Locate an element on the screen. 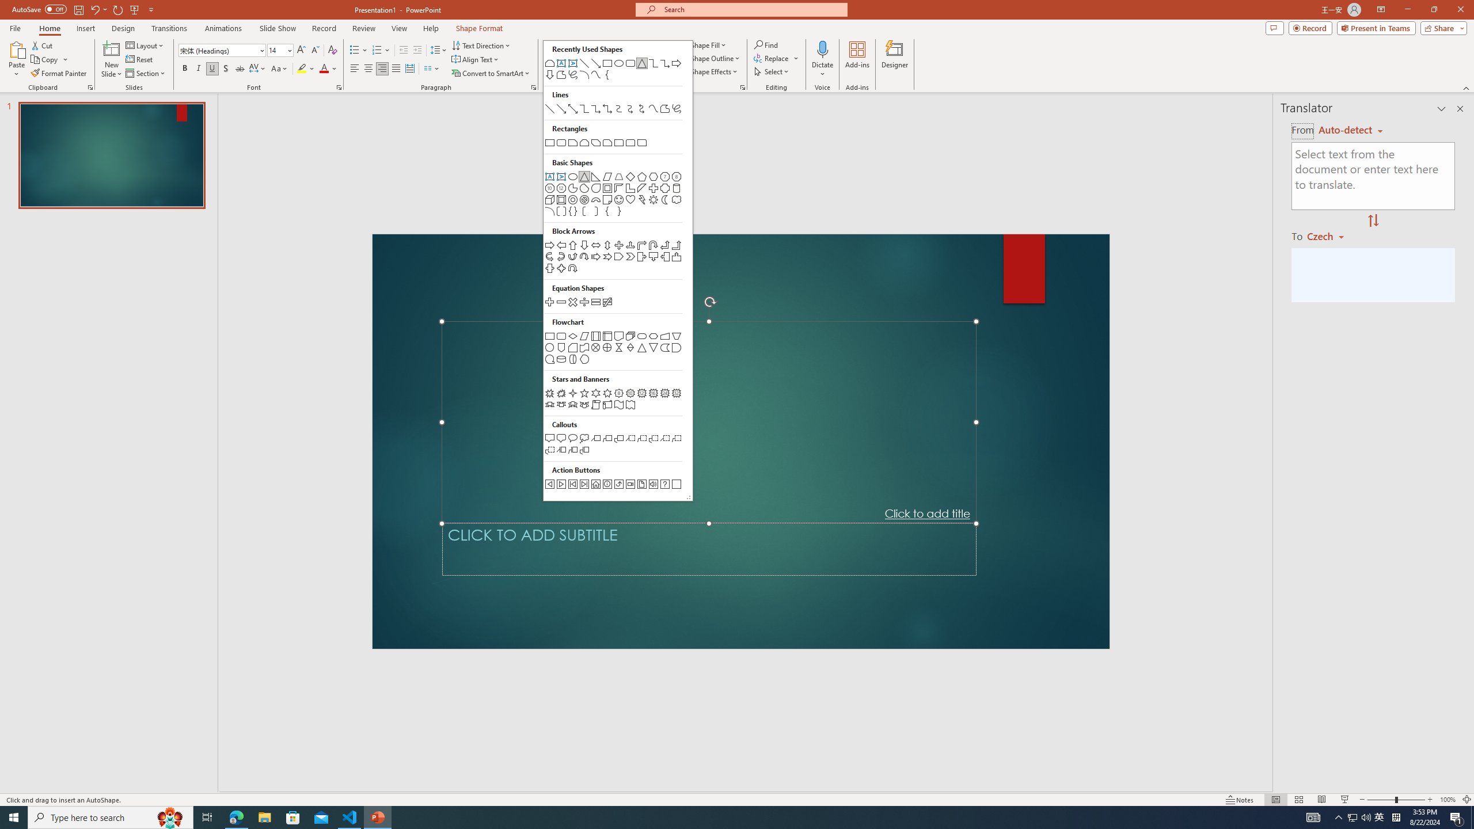  'Bold' is located at coordinates (185, 68).